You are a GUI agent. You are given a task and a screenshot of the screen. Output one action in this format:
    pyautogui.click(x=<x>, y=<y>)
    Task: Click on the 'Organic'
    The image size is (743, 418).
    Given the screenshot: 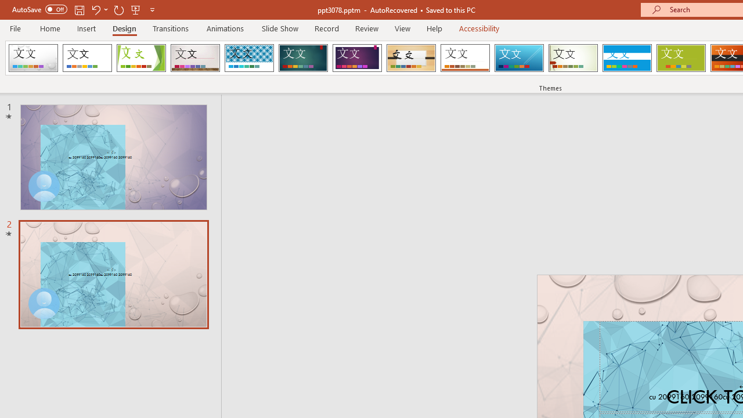 What is the action you would take?
    pyautogui.click(x=411, y=58)
    